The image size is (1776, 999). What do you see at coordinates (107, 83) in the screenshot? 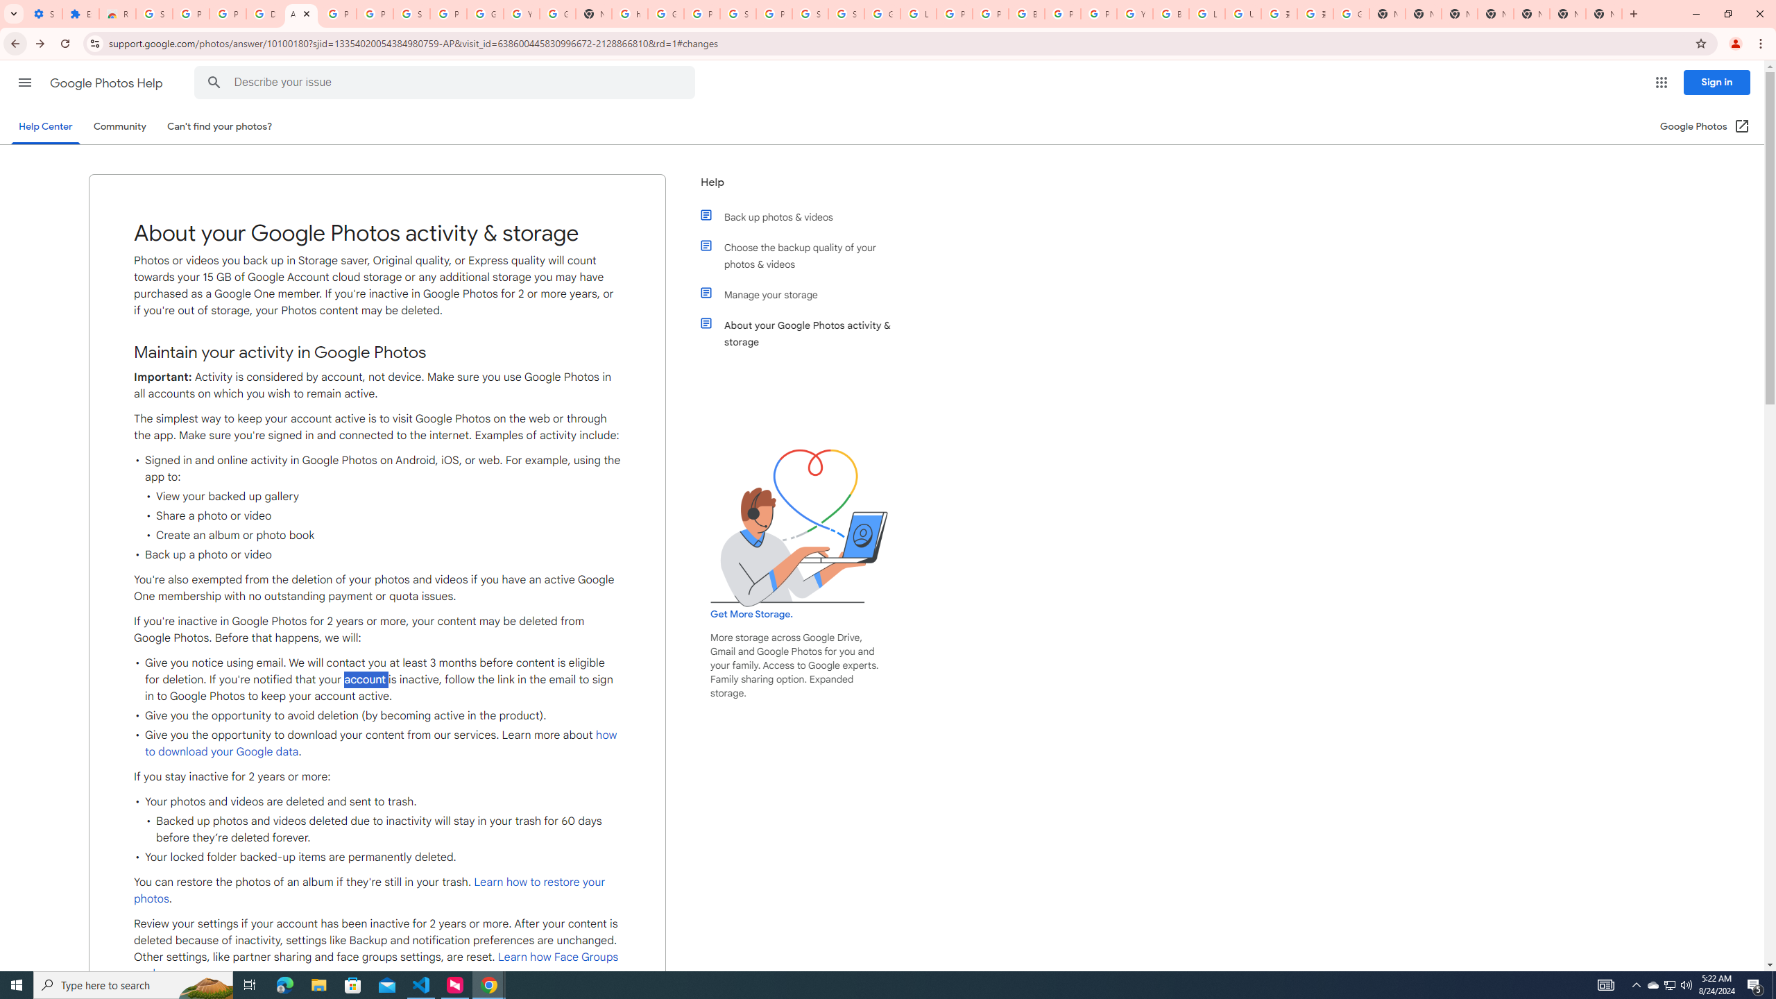
I see `'Google Photos Help'` at bounding box center [107, 83].